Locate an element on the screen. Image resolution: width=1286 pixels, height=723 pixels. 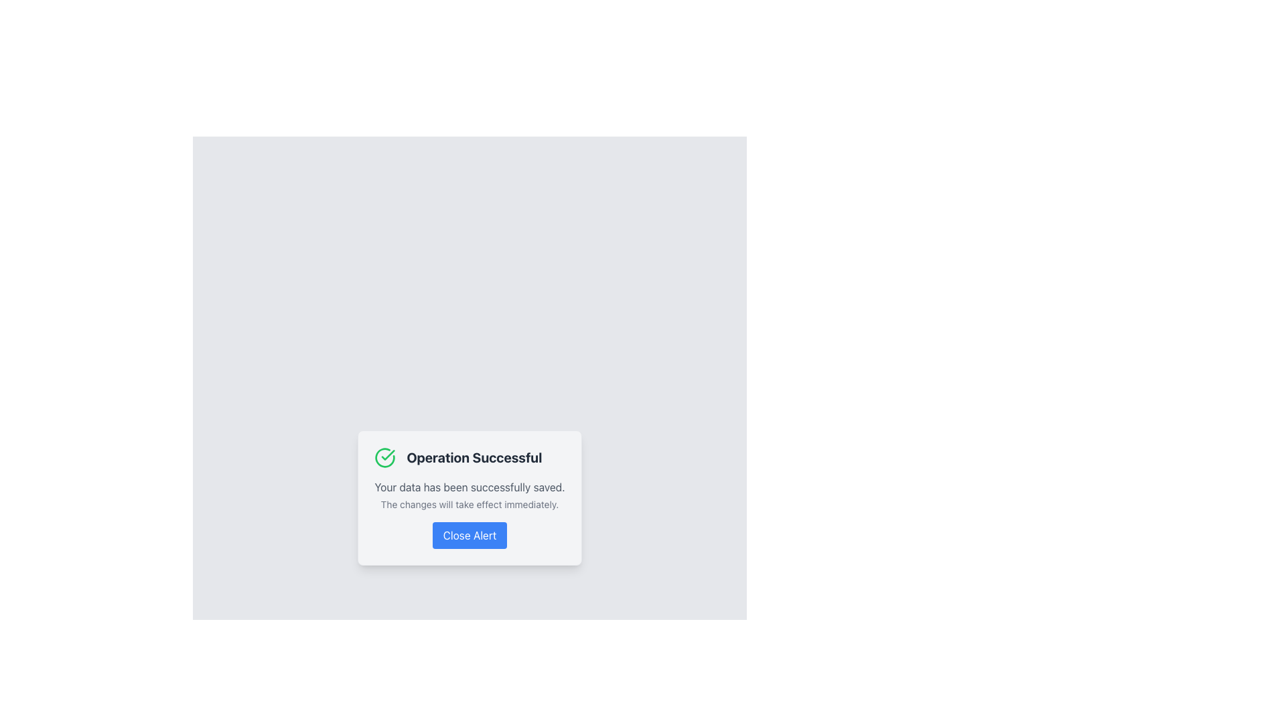
the text element displaying 'Your data has been successfully saved.' located in the modal dialogue box titled 'Operation Successful' is located at coordinates (470, 487).